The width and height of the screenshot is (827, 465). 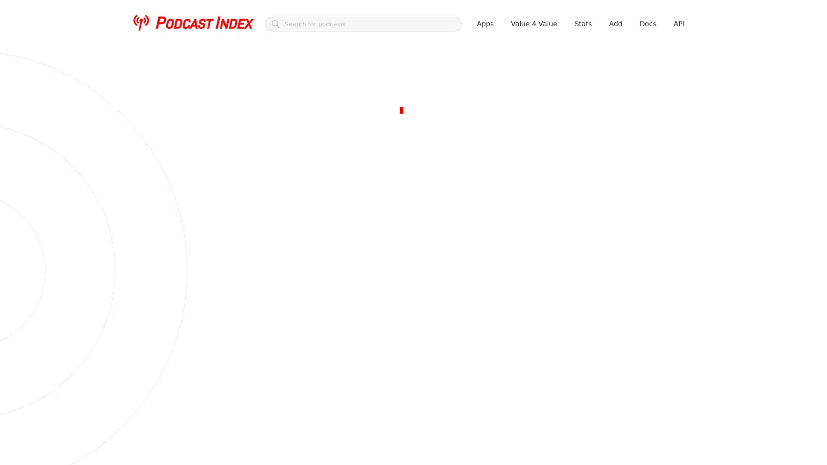 What do you see at coordinates (214, 215) in the screenshot?
I see `Show All` at bounding box center [214, 215].